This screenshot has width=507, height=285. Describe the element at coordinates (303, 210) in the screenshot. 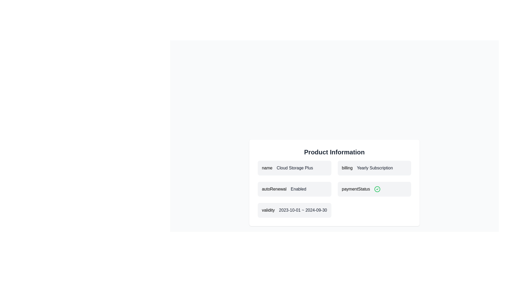

I see `the static text displaying the date range of validity, located to the right of the 'validity' label in the 'Product Information' section` at that location.